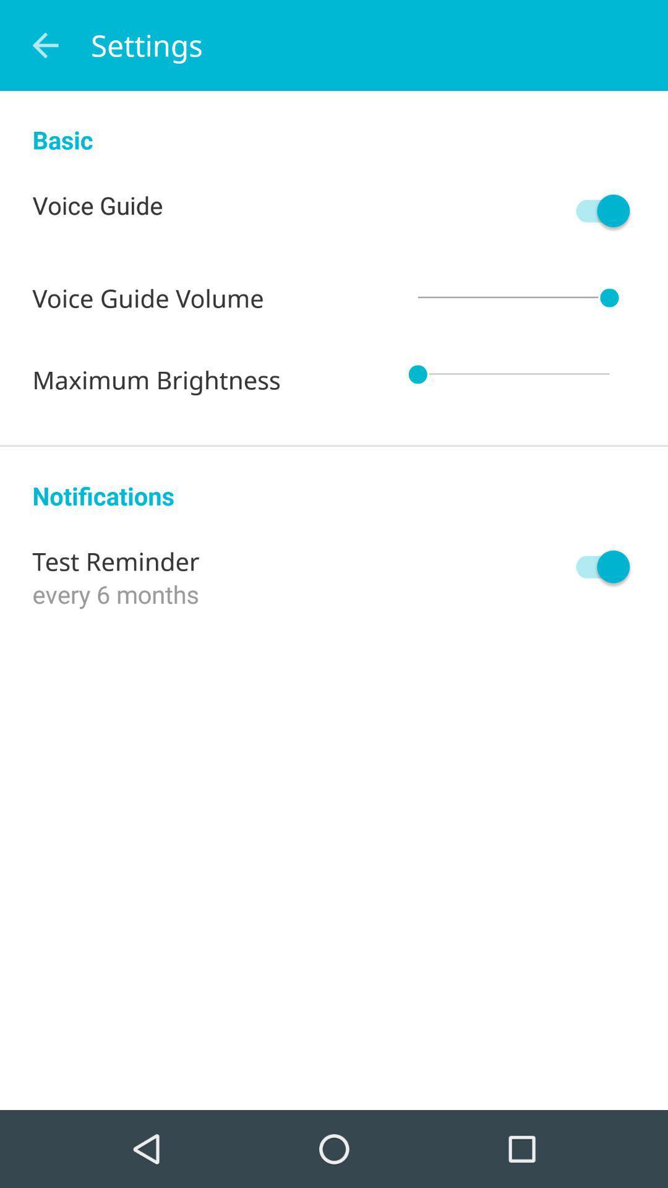 The height and width of the screenshot is (1188, 668). I want to click on voice guide, so click(596, 210).